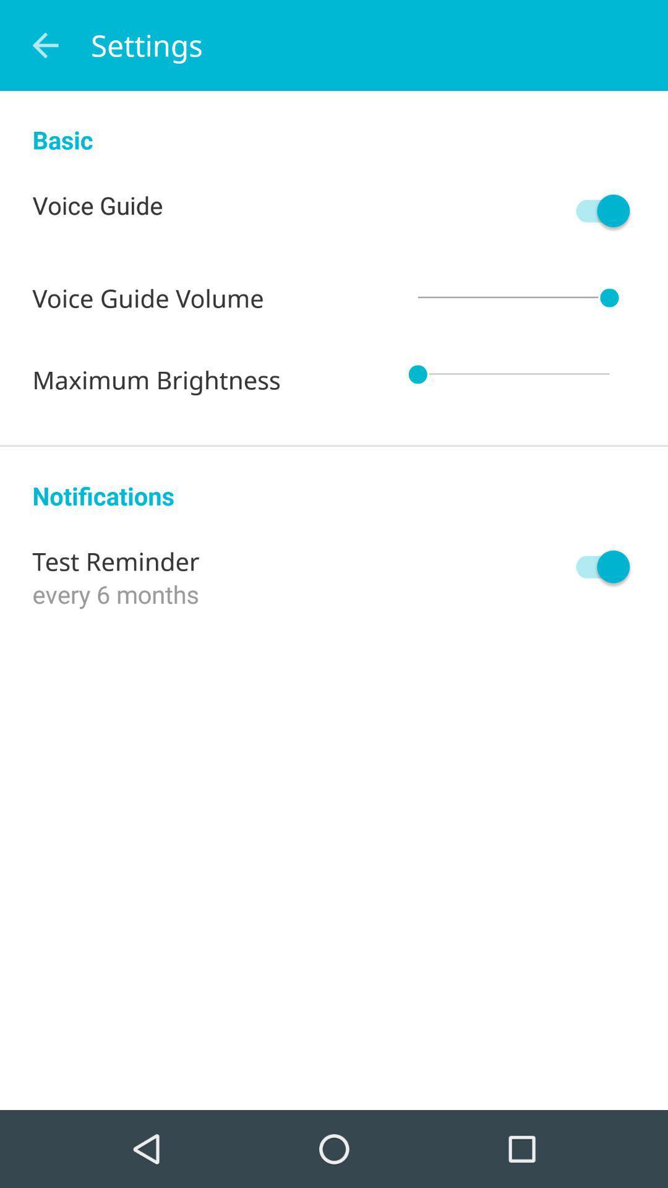 The height and width of the screenshot is (1188, 668). I want to click on voice guide, so click(596, 210).